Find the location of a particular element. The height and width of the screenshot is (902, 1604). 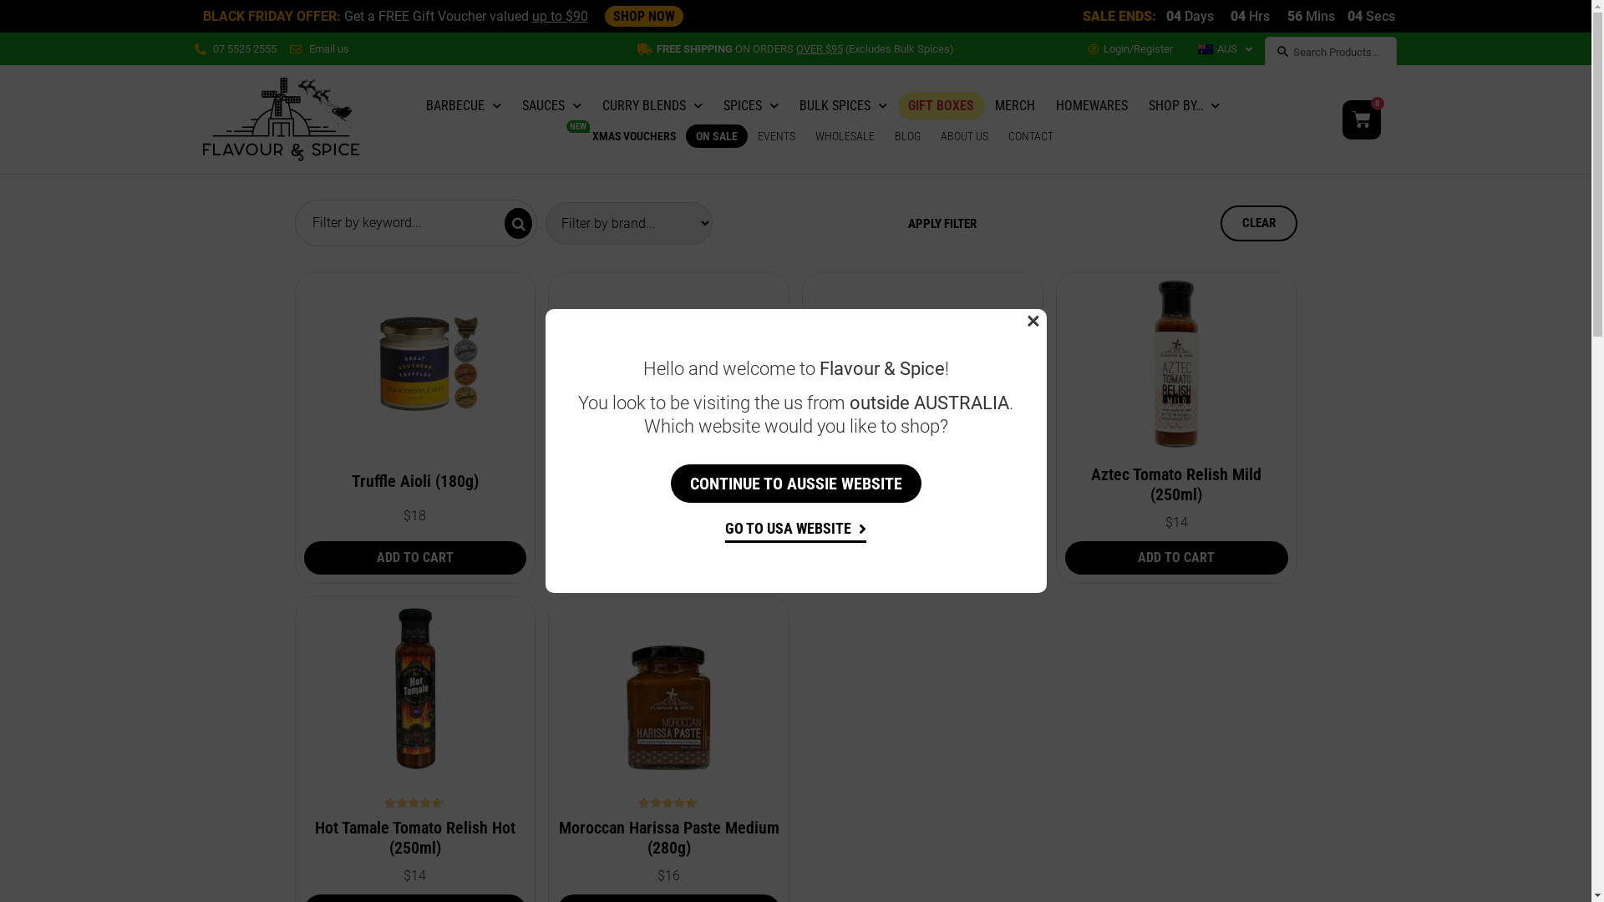

'SPICES' is located at coordinates (723, 106).